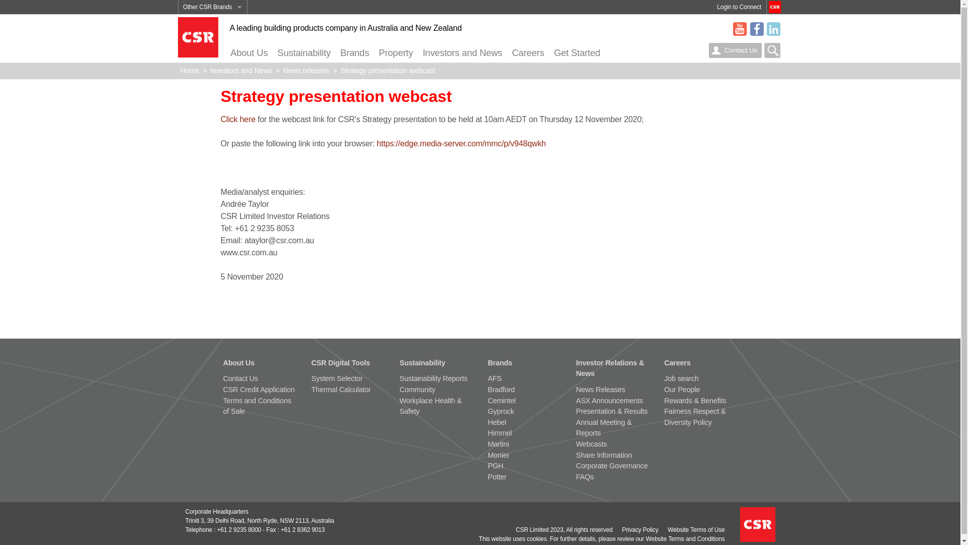 This screenshot has width=968, height=545. What do you see at coordinates (600, 389) in the screenshot?
I see `'News Releases'` at bounding box center [600, 389].